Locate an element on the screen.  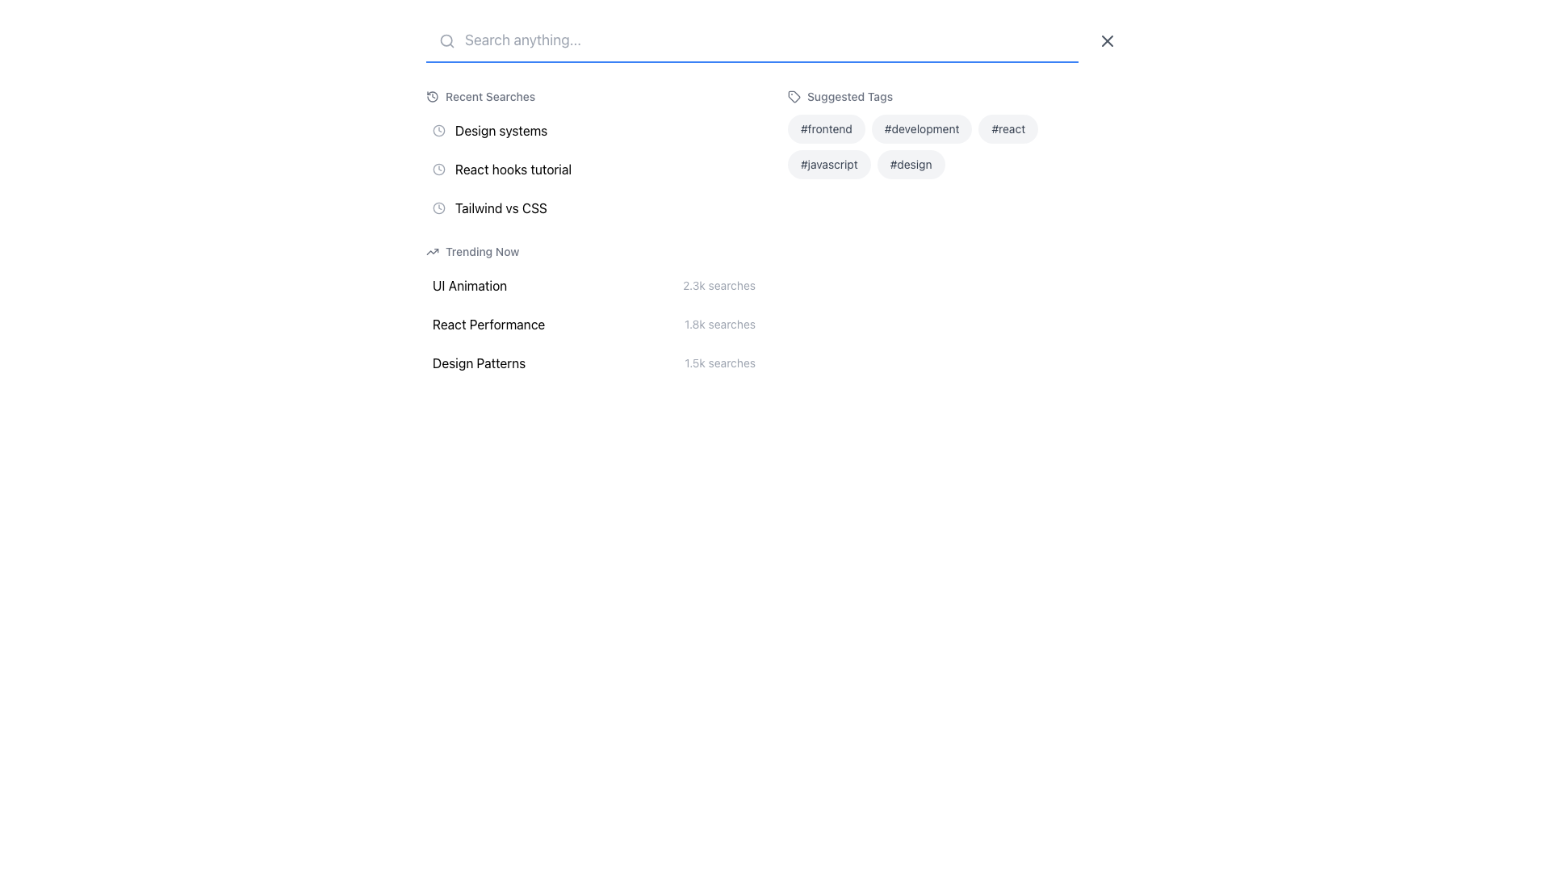
the textual label displaying '1.5k searches', which is styled with gray text and positioned beside the 'Design Patterns' label in the lower-right portion of the 'Trending Now' section is located at coordinates (719, 363).